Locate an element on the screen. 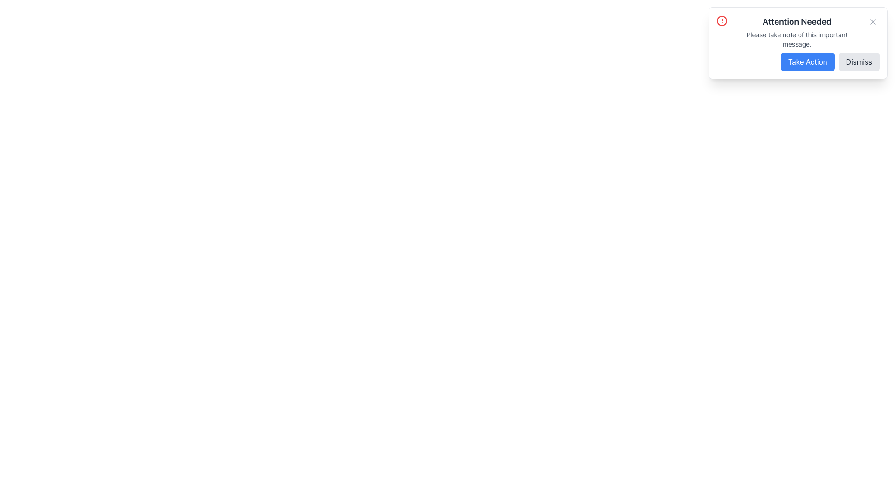  the Close Icon located at the top-right corner of the modal is located at coordinates (872, 21).